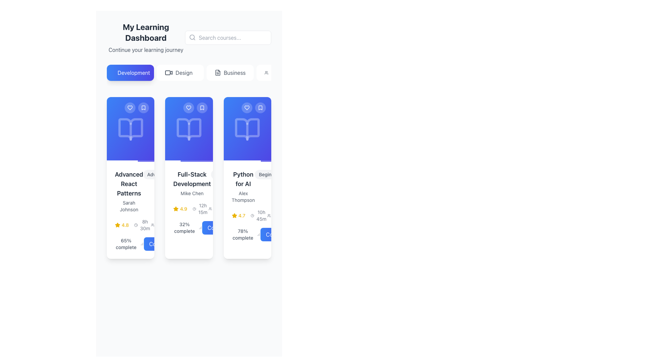  Describe the element at coordinates (130, 73) in the screenshot. I see `the 'Development' button, which is a rounded rectangular button with a gradient background from blue to indigo and contains white text and a book icon` at that location.